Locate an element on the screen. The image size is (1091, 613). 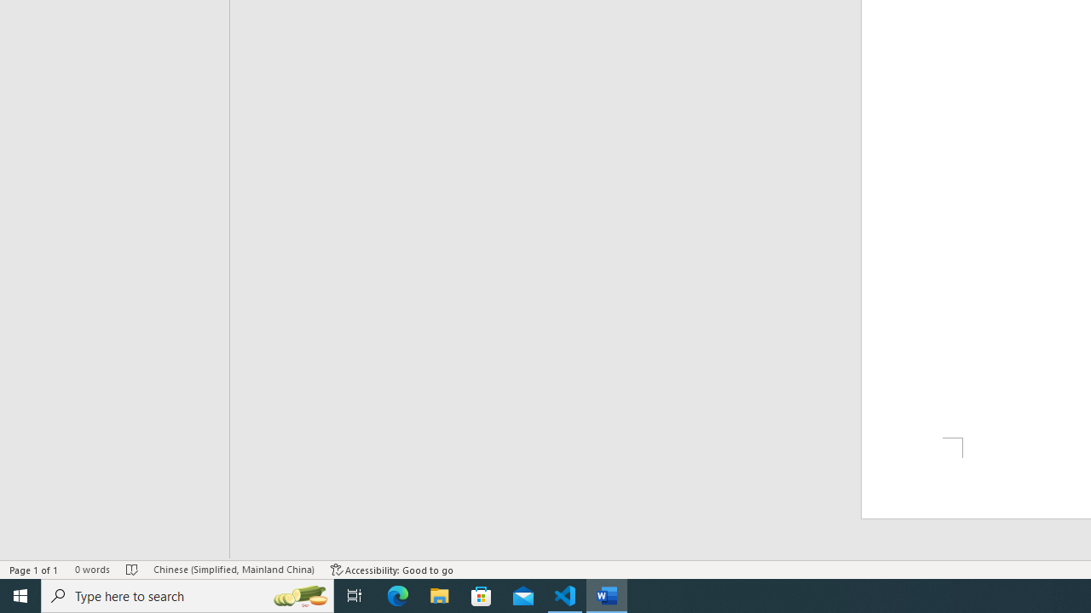
'Accessibility Checker Accessibility: Good to go' is located at coordinates (391, 570).